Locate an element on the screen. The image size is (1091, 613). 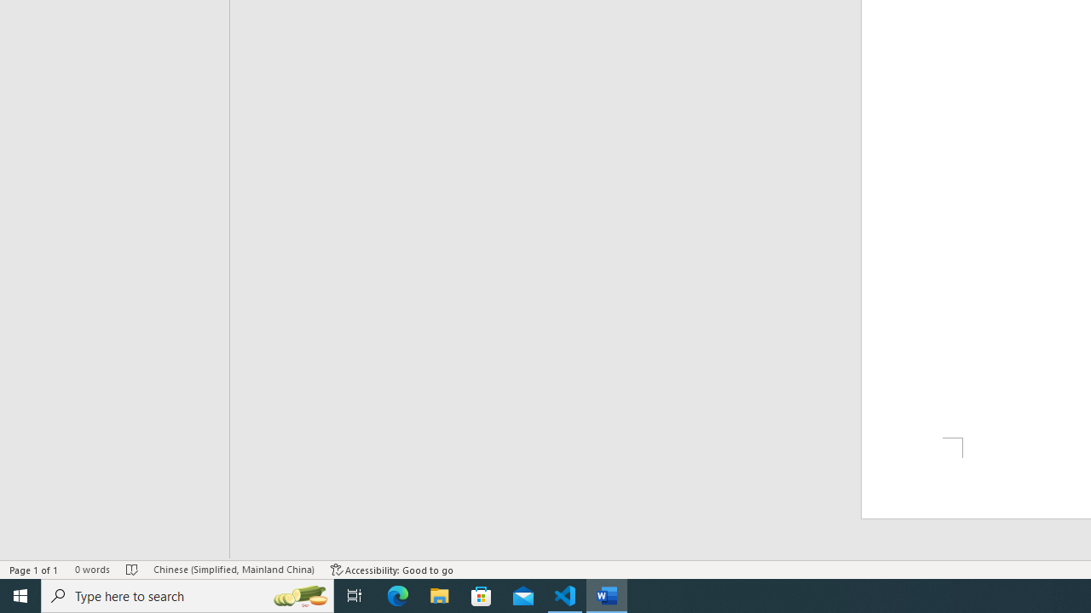
'Accessibility Checker Accessibility: Good to go' is located at coordinates (391, 570).